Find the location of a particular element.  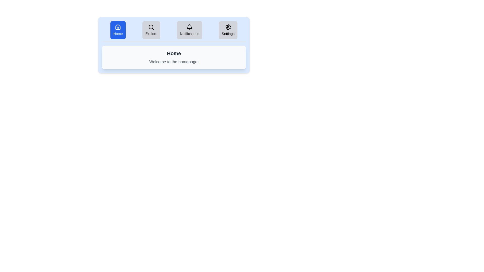

the tab labeled Home is located at coordinates (118, 30).